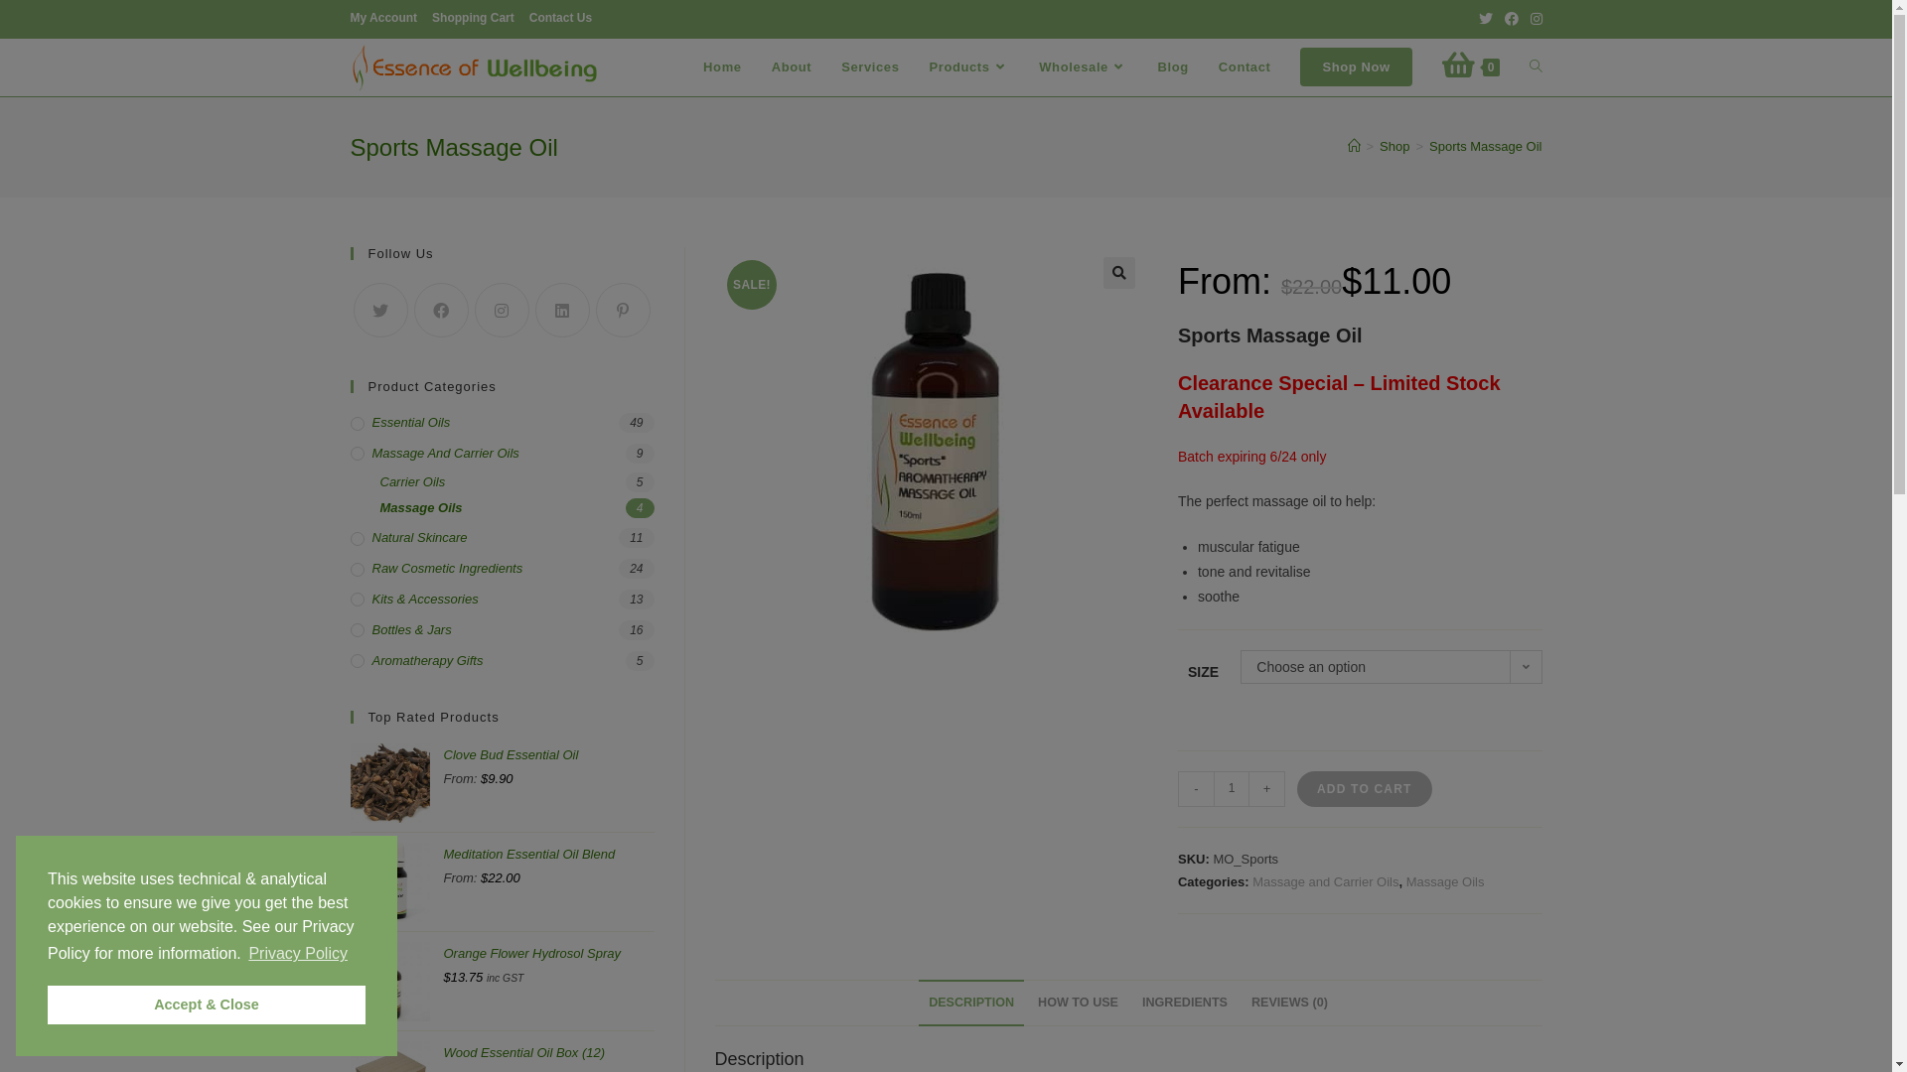  Describe the element at coordinates (1244, 67) in the screenshot. I see `'Contact'` at that location.